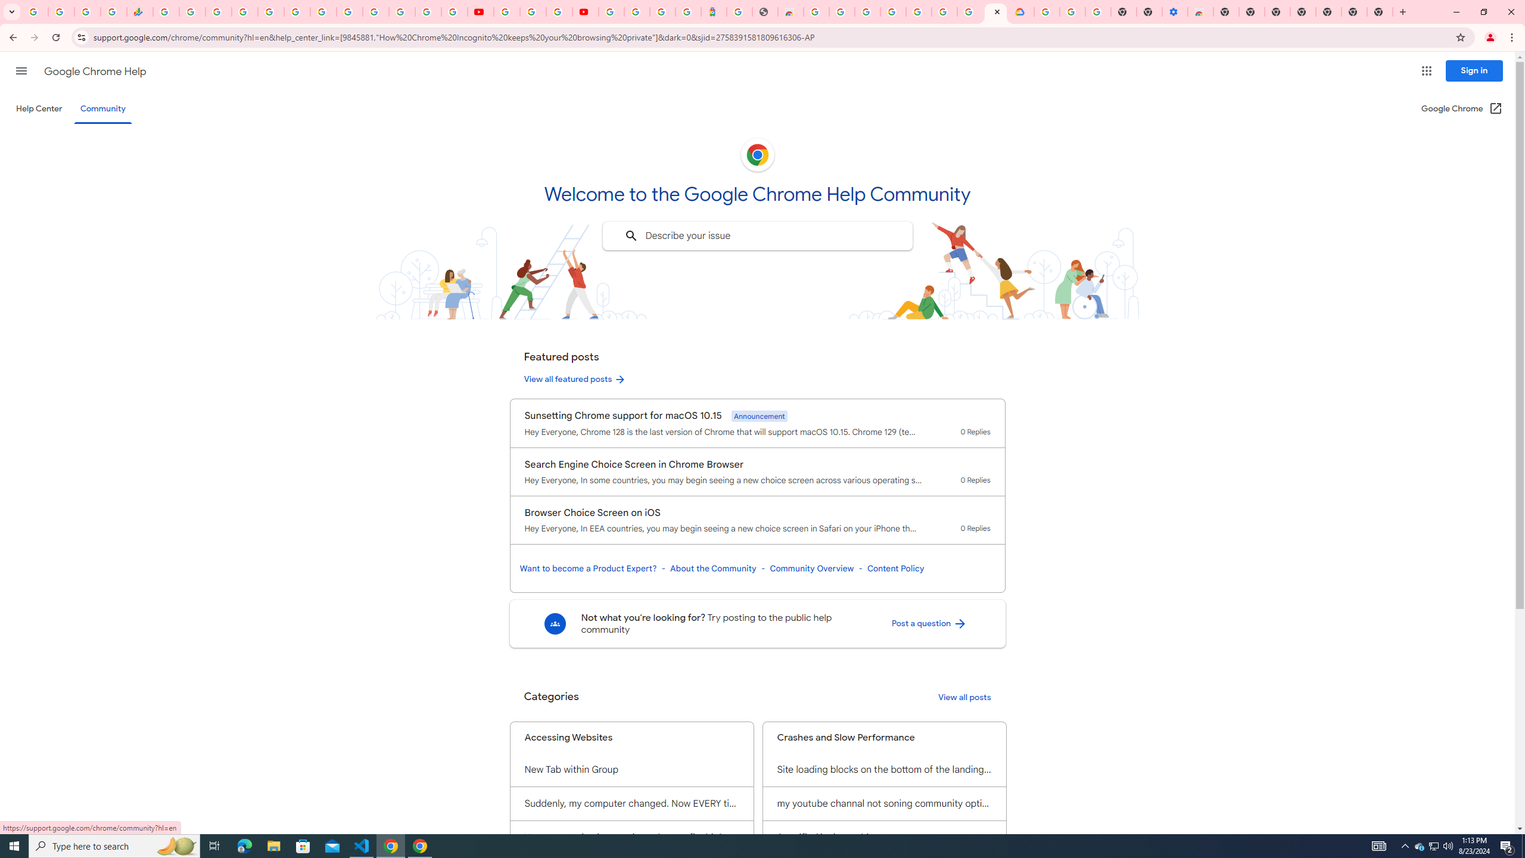  I want to click on 'Content Creator Programs & Opportunities - YouTube Creators', so click(585, 11).